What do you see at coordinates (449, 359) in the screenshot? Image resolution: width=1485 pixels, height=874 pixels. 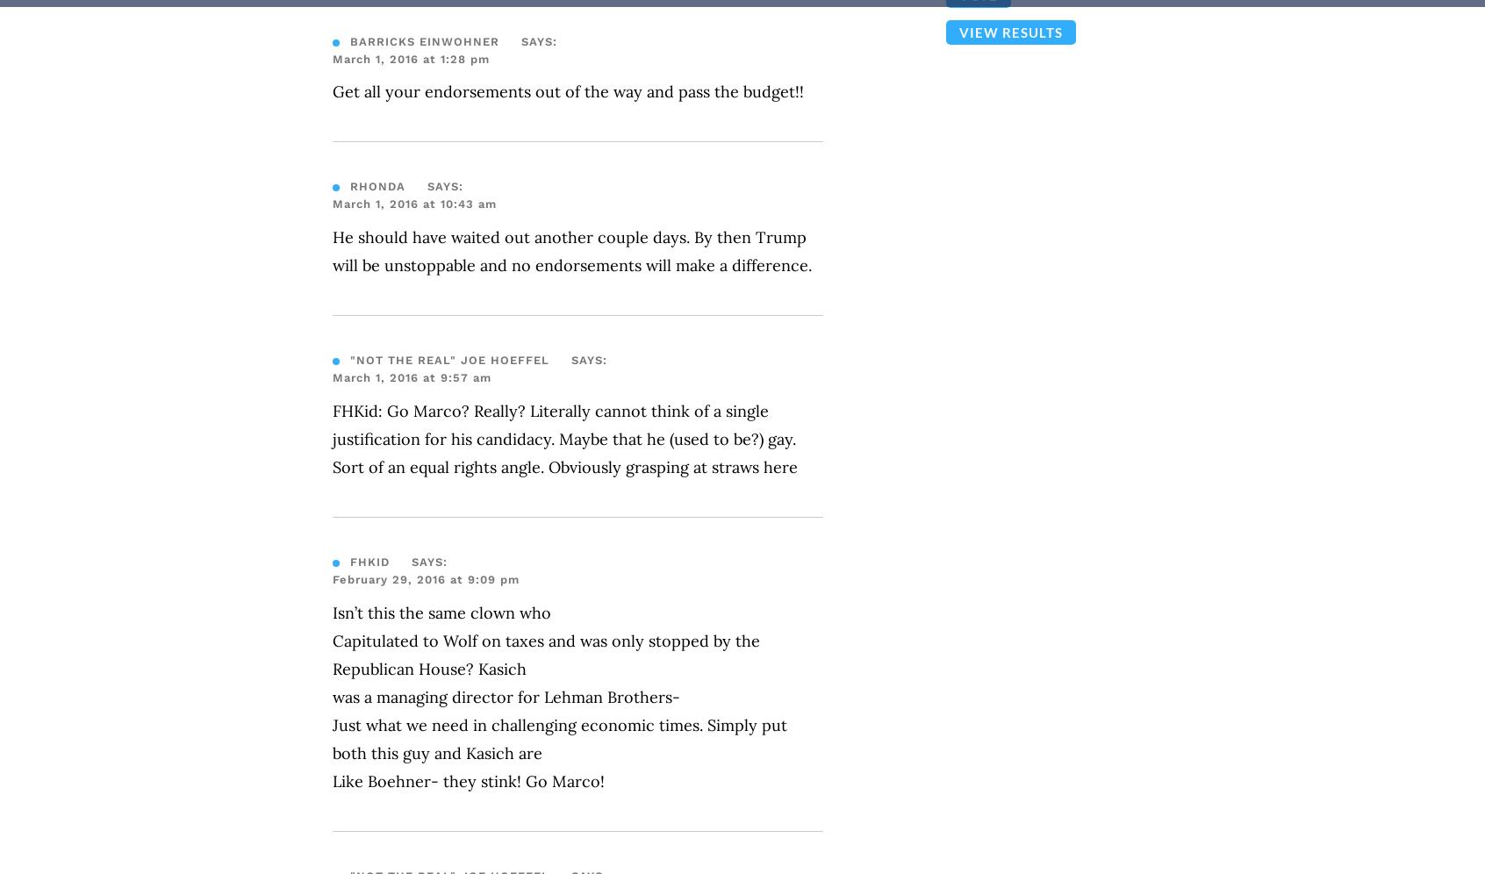 I see `'"not the real" joe hoeffel'` at bounding box center [449, 359].